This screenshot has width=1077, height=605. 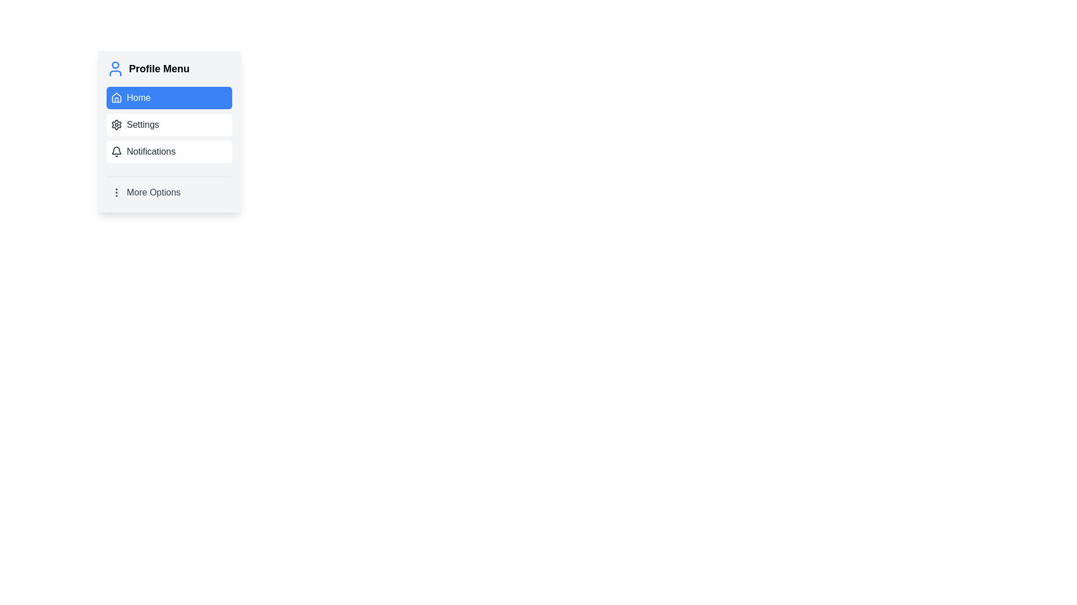 What do you see at coordinates (116, 125) in the screenshot?
I see `the gear icon representing settings, located to the left of the 'Settings' text in the Profile Menu` at bounding box center [116, 125].